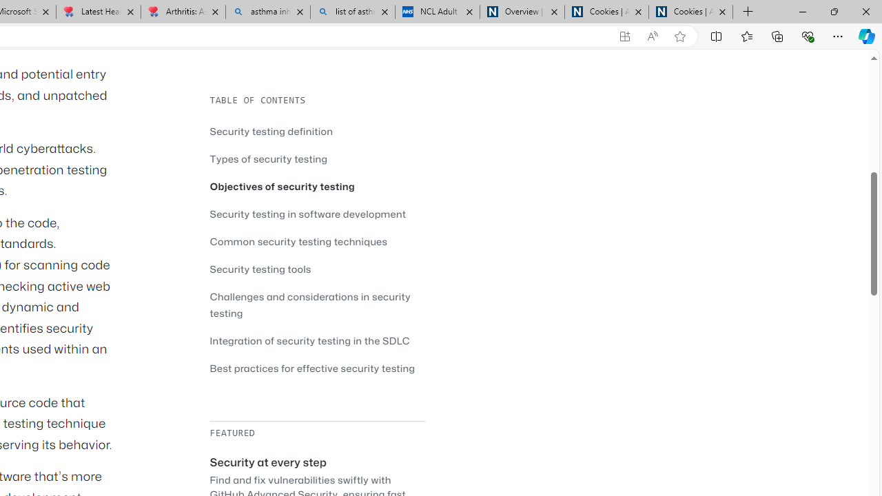  What do you see at coordinates (269, 158) in the screenshot?
I see `'Types of security testing'` at bounding box center [269, 158].